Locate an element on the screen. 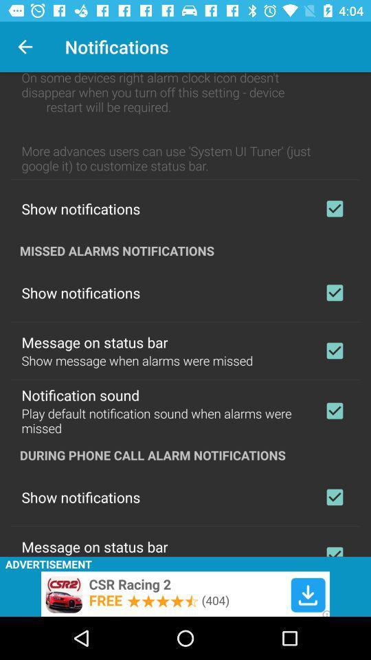 This screenshot has width=371, height=660. open link to advertisement is located at coordinates (185, 593).